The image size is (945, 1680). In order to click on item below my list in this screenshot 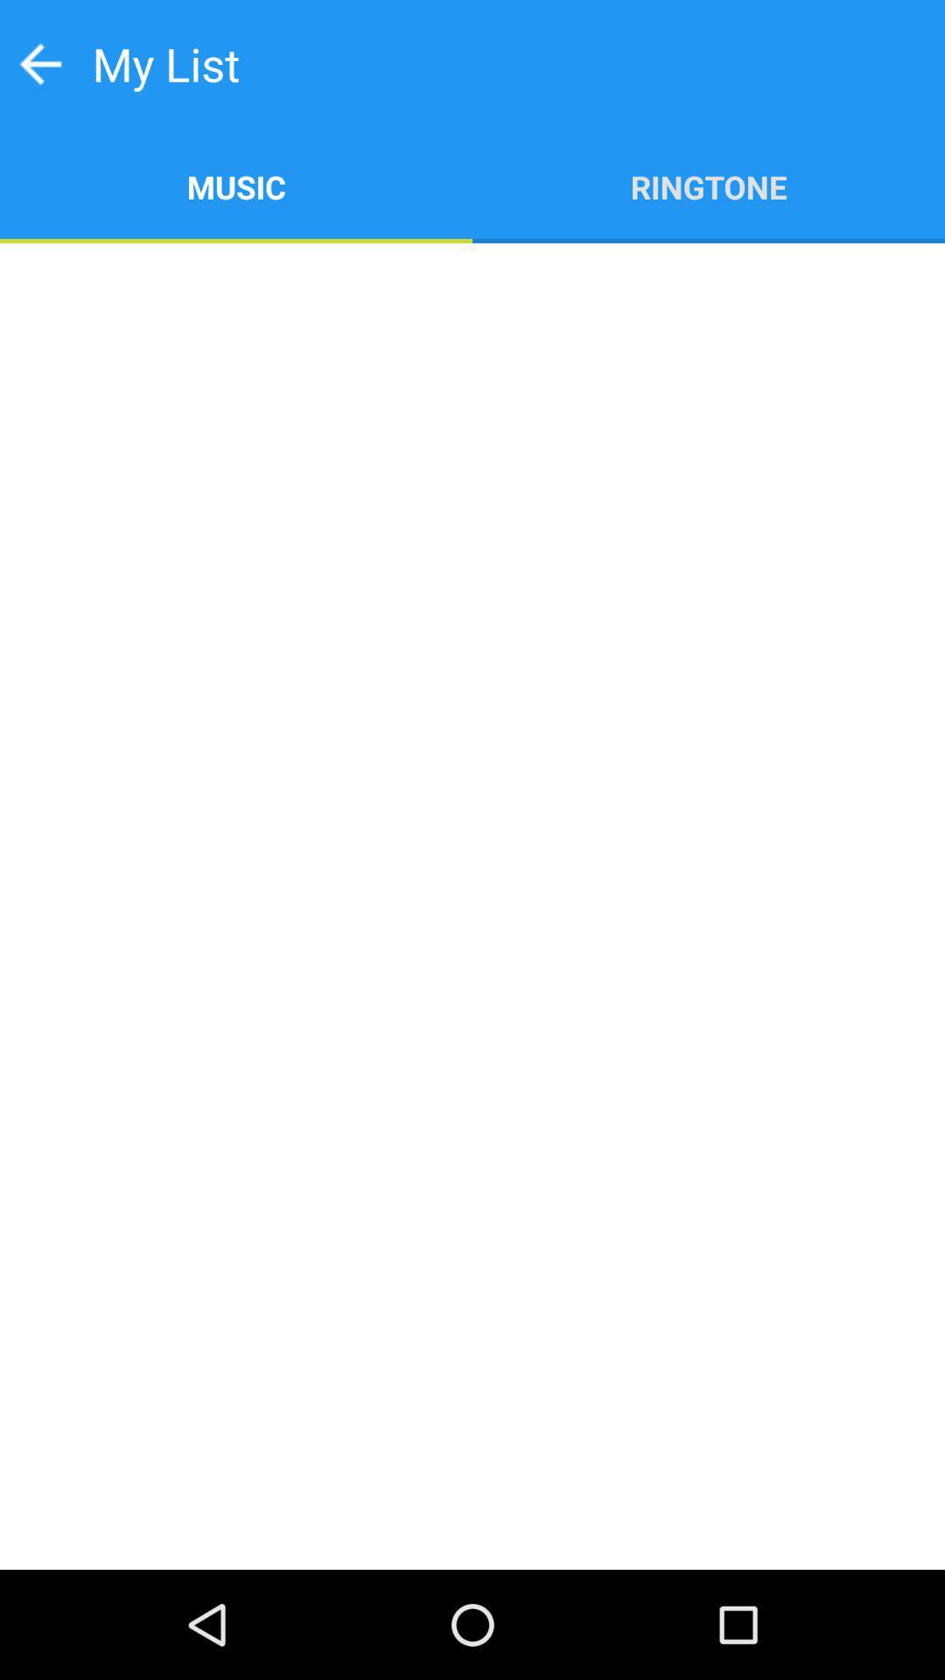, I will do `click(236, 185)`.